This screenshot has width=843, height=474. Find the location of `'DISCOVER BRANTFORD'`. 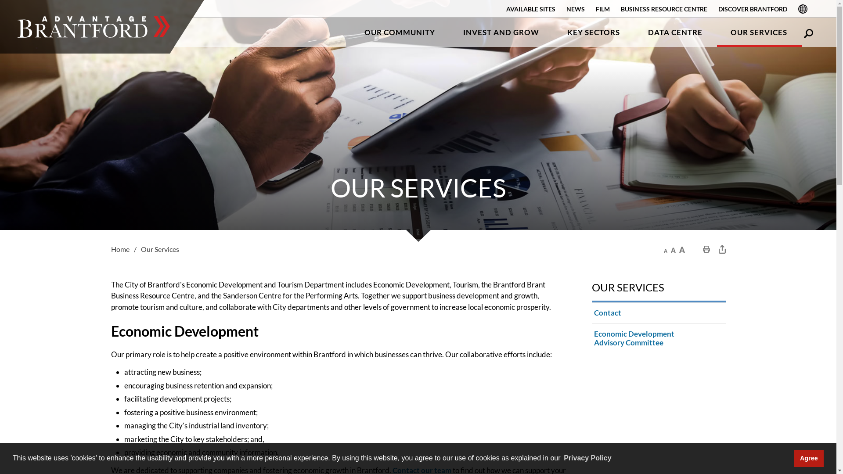

'DISCOVER BRANTFORD' is located at coordinates (752, 9).